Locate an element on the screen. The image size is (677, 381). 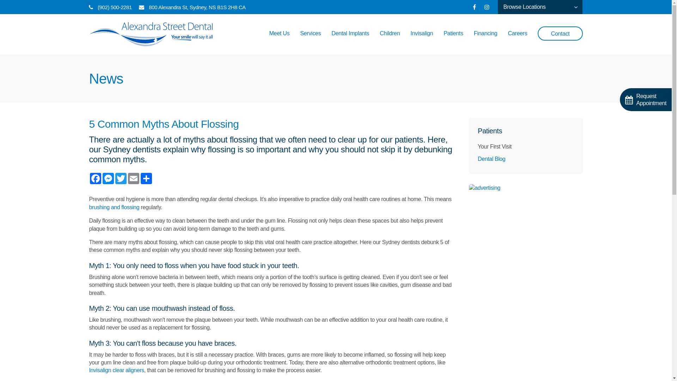
'Facebook' is located at coordinates (94, 178).